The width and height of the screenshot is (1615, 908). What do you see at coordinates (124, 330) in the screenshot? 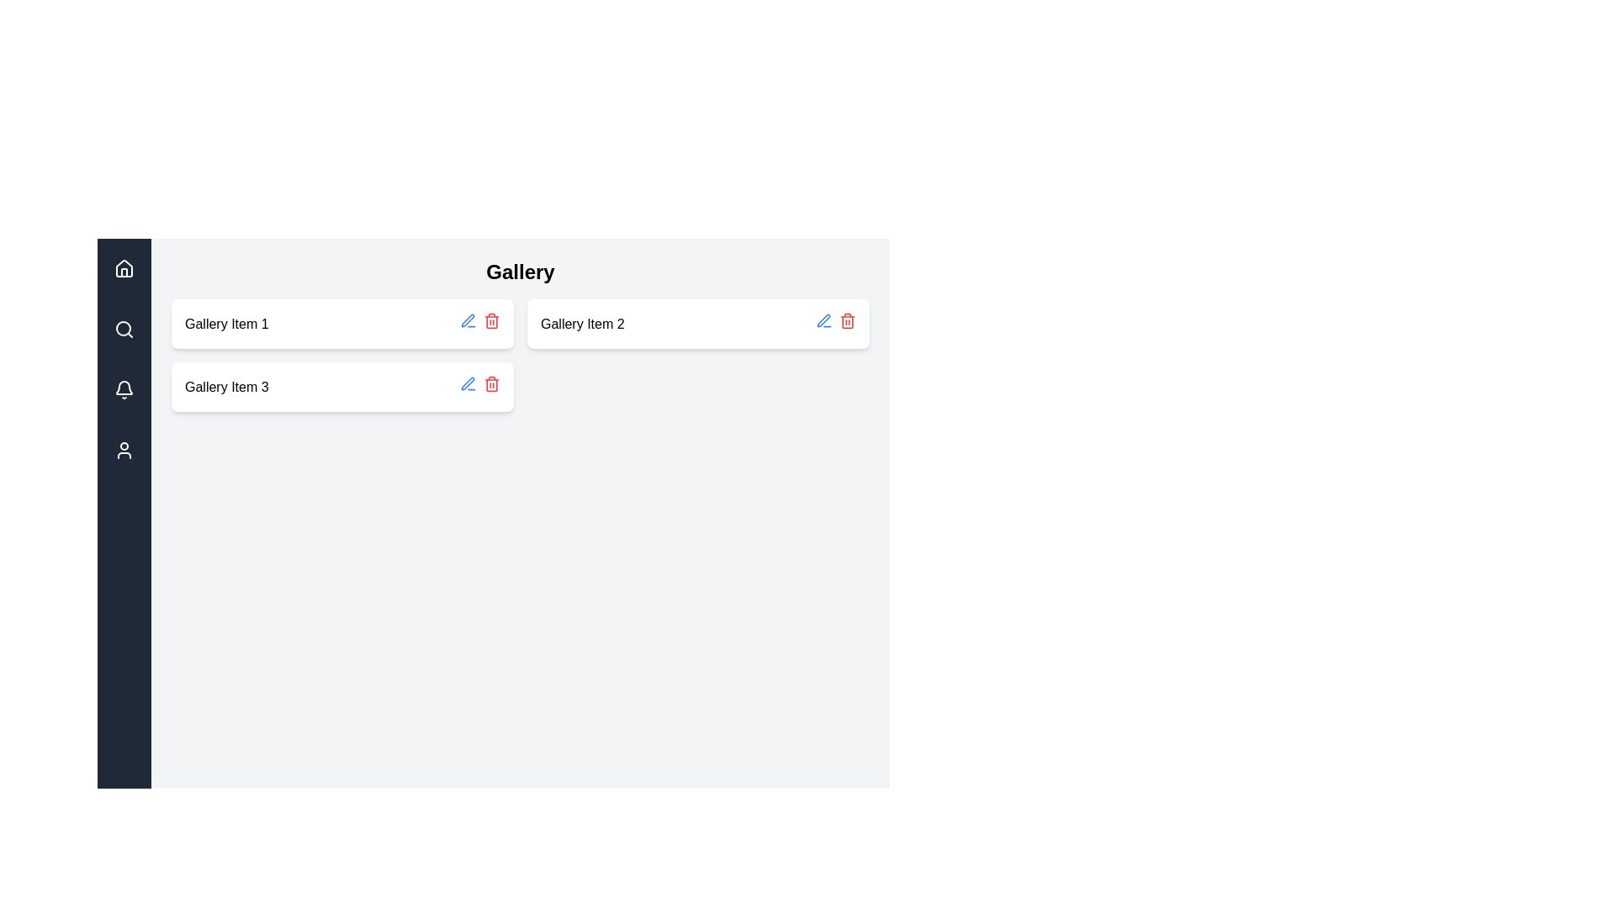
I see `the round search button with a magnifying glass icon located in the sidebar, positioned between the home icon and the bell icon, to initiate the search` at bounding box center [124, 330].